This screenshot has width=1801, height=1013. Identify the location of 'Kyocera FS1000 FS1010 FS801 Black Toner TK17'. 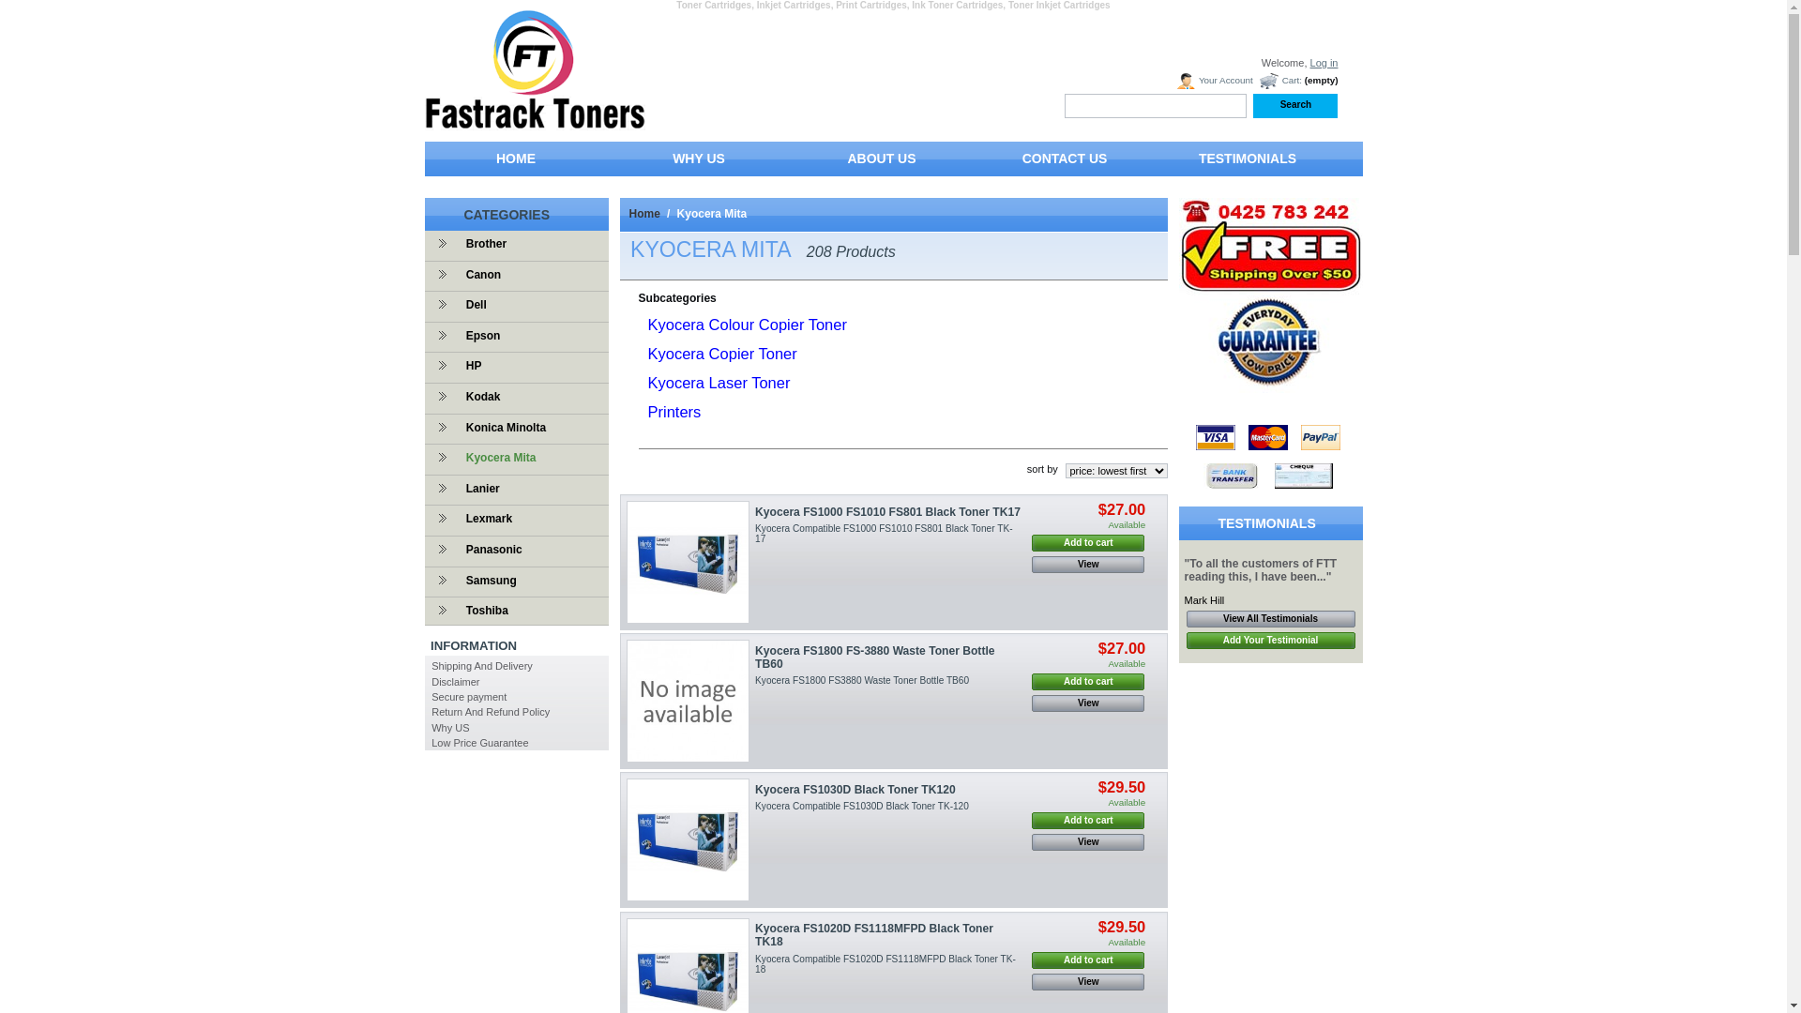
(886, 512).